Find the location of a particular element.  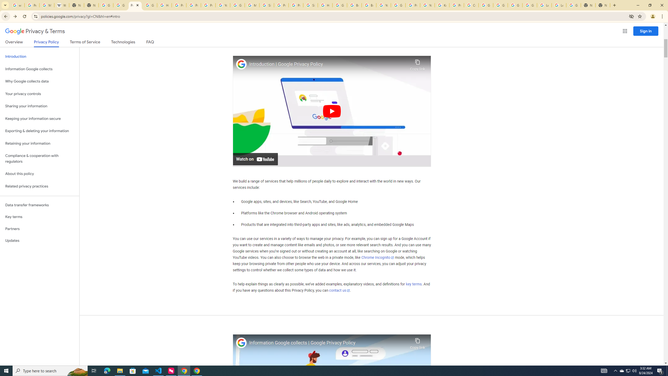

'Related privacy practices' is located at coordinates (39, 186).